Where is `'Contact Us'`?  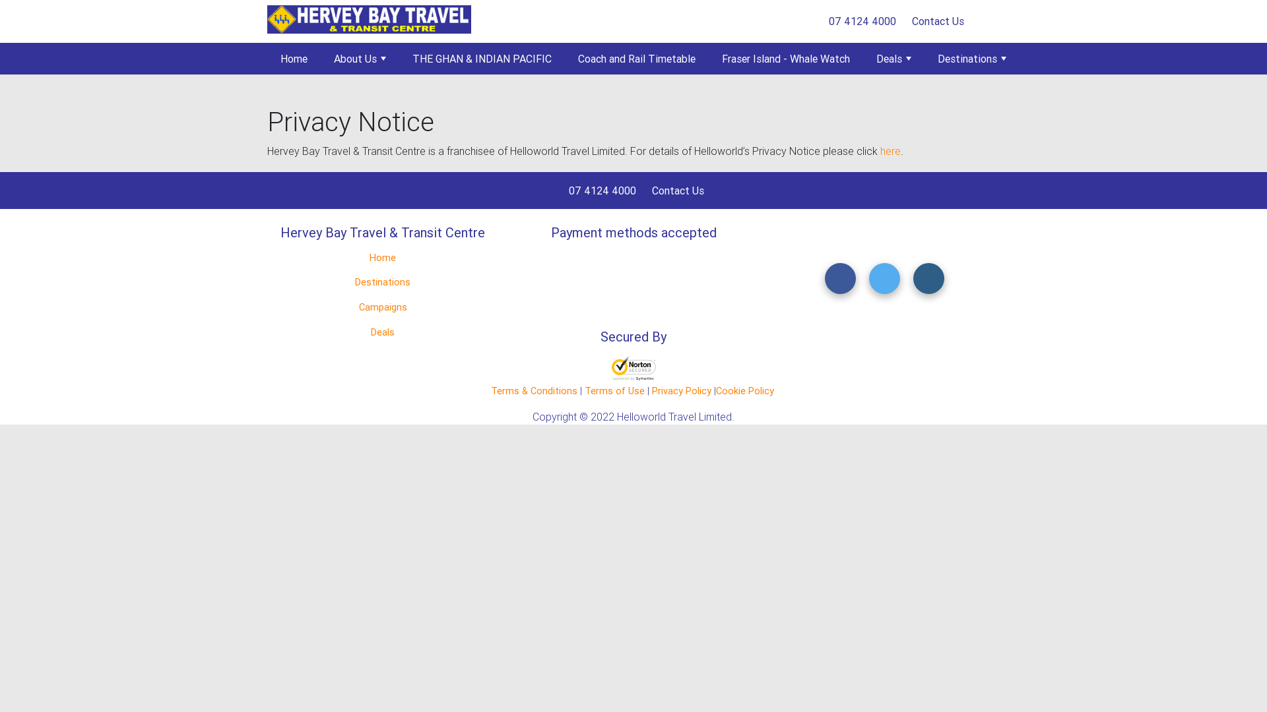
'Contact Us' is located at coordinates (901, 20).